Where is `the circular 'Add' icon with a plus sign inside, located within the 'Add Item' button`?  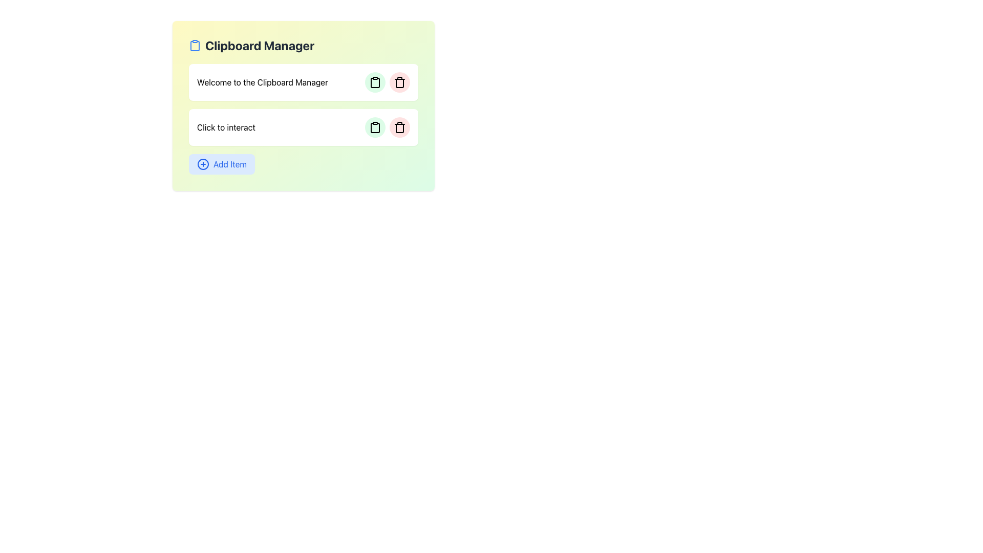
the circular 'Add' icon with a plus sign inside, located within the 'Add Item' button is located at coordinates (203, 163).